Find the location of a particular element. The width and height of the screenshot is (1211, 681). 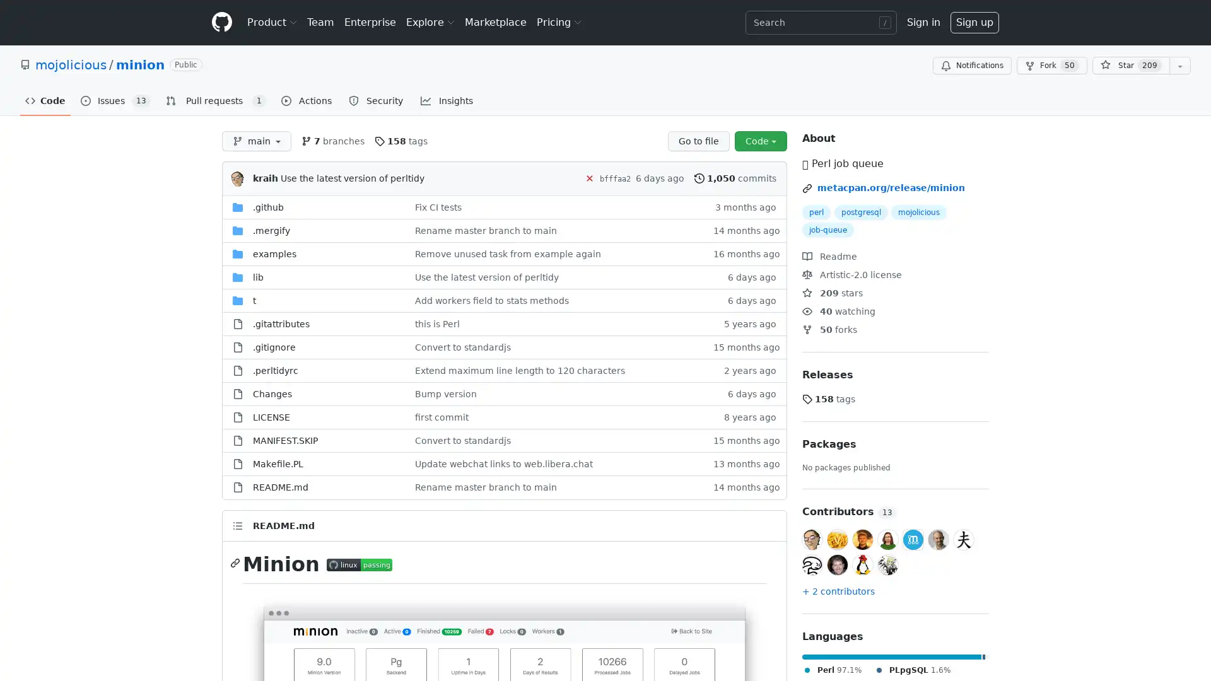

You must be signed in to add this repository to a list is located at coordinates (1179, 66).